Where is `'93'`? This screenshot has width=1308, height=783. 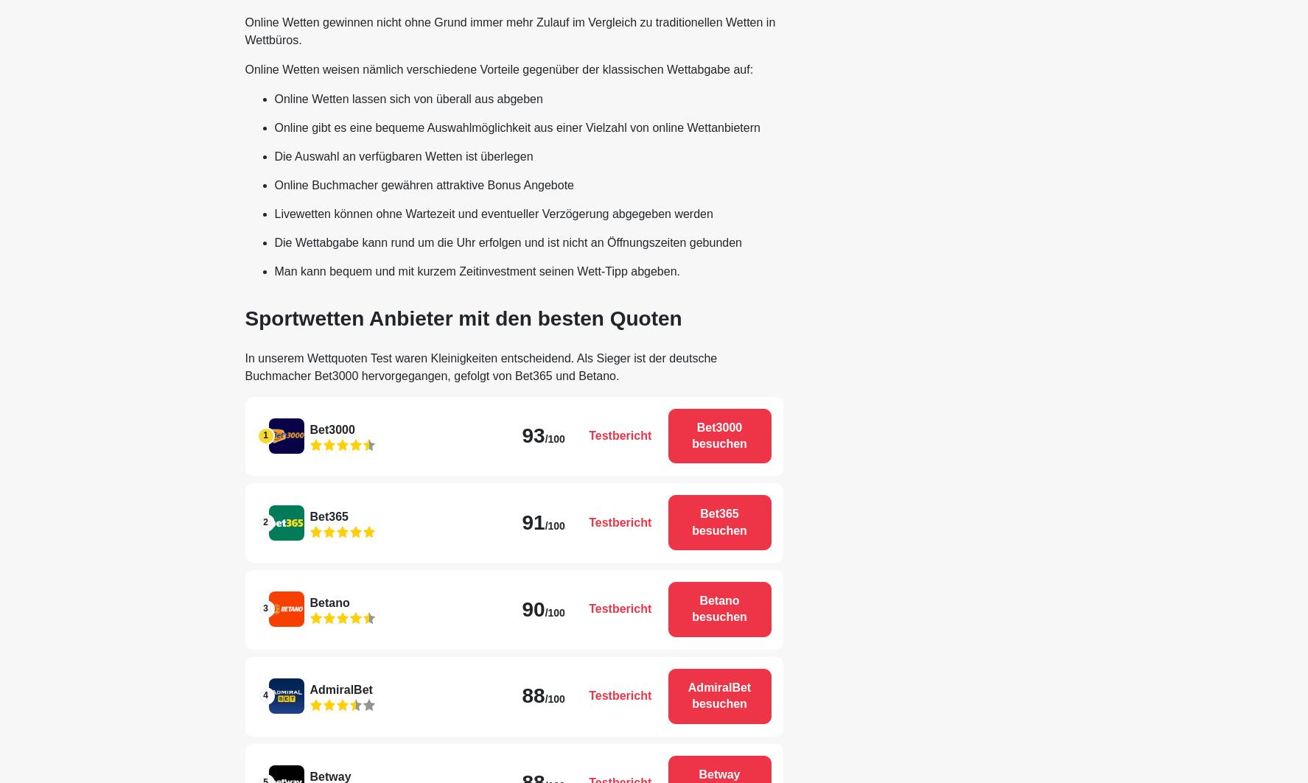
'93' is located at coordinates (532, 435).